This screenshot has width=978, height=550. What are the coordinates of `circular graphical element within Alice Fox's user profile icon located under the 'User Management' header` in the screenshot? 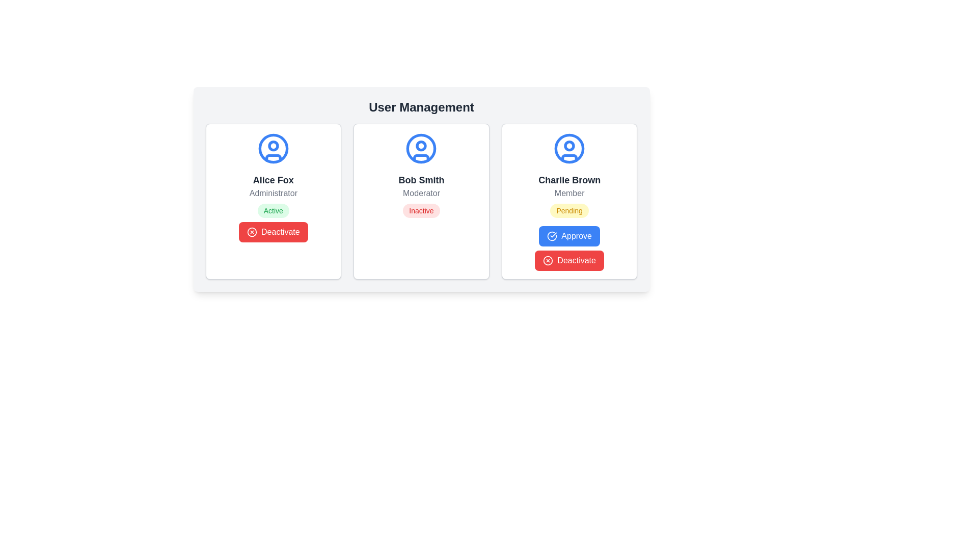 It's located at (273, 149).